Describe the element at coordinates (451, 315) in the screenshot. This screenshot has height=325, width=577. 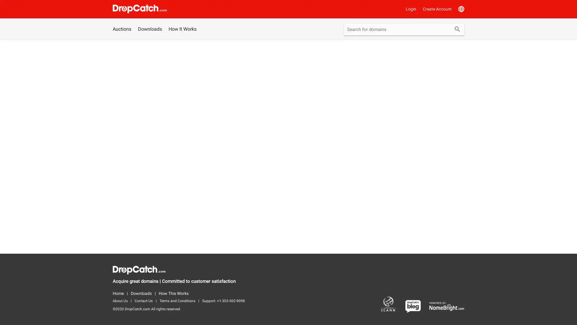
I see `Bid` at that location.